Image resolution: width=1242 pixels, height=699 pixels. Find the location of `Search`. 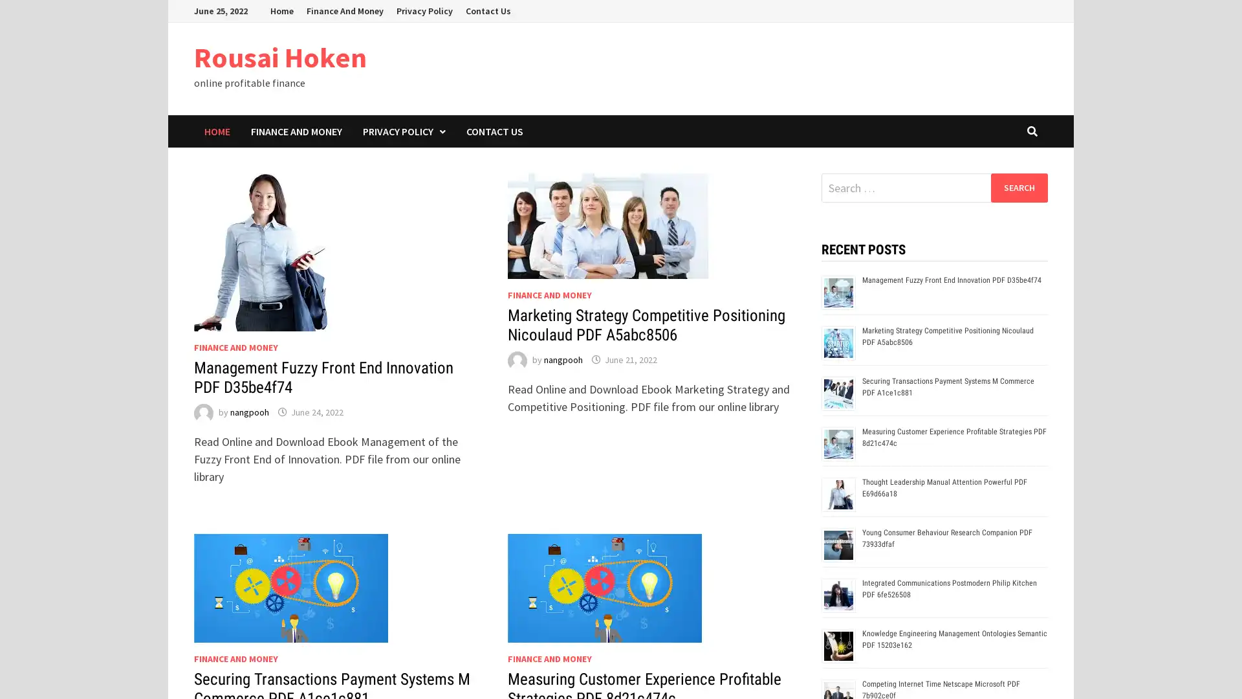

Search is located at coordinates (1018, 187).